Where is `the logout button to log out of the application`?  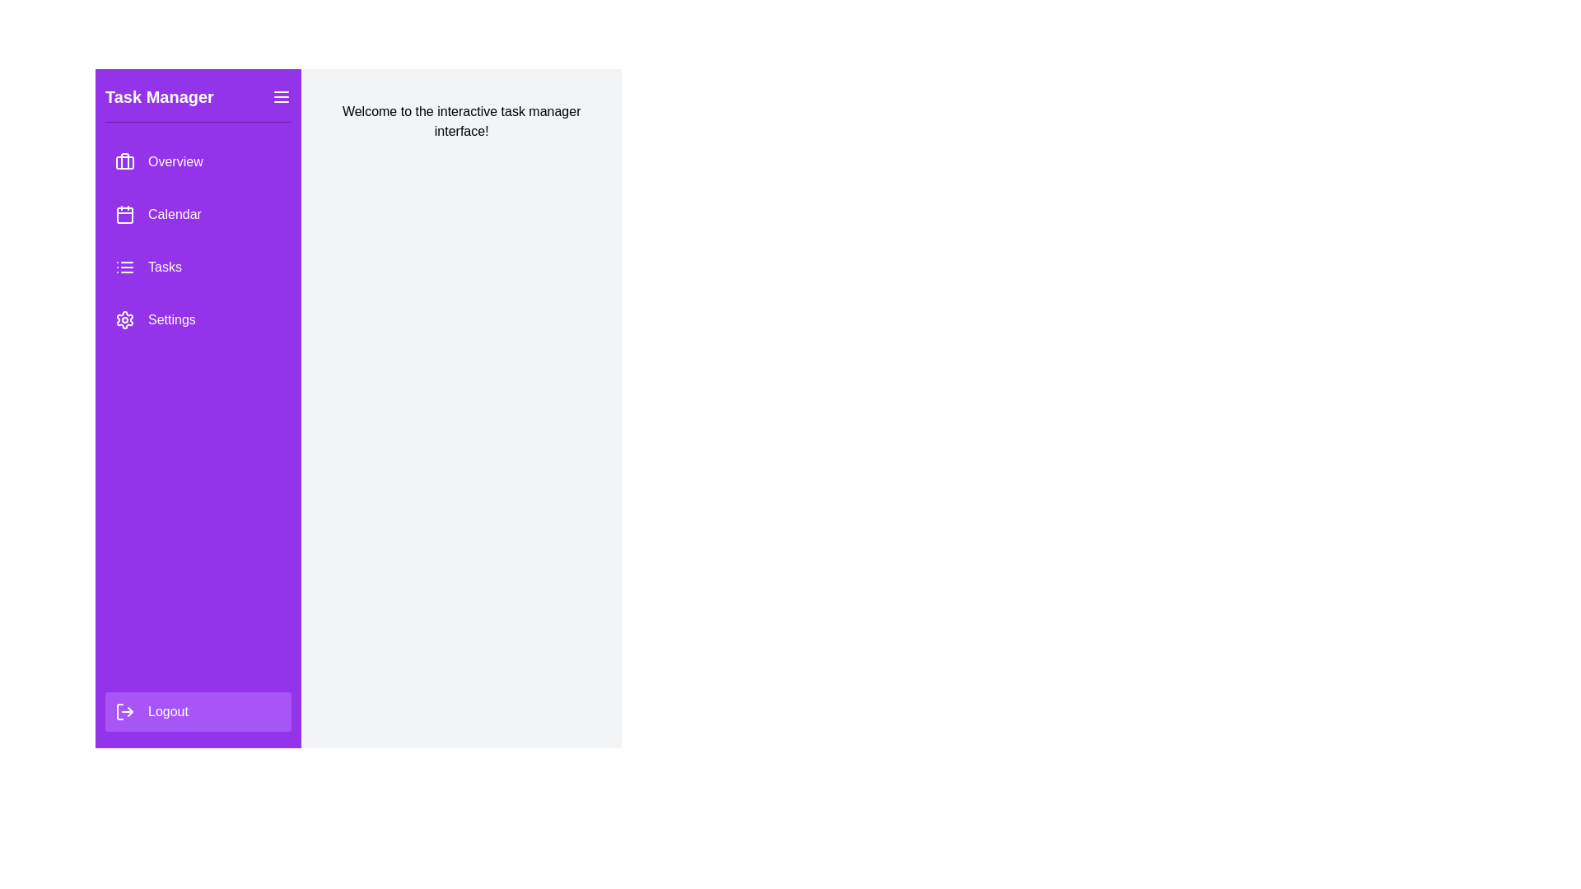
the logout button to log out of the application is located at coordinates (198, 710).